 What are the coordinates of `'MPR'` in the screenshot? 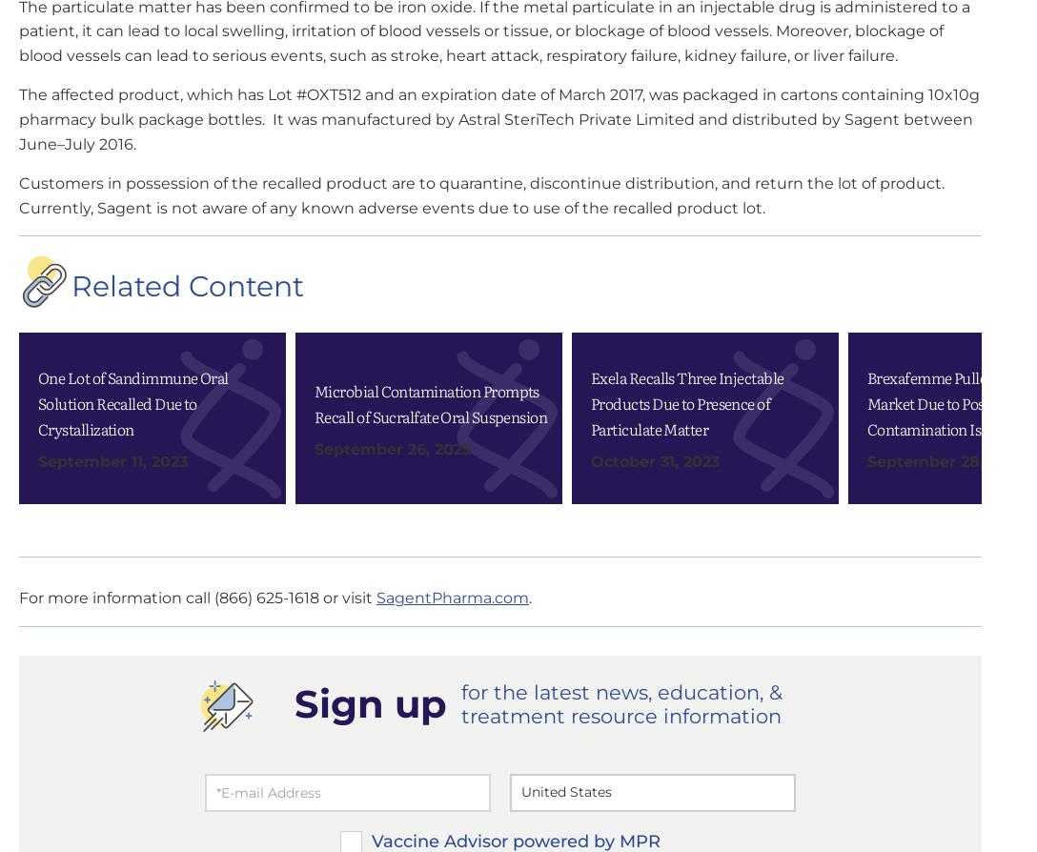 It's located at (702, 445).